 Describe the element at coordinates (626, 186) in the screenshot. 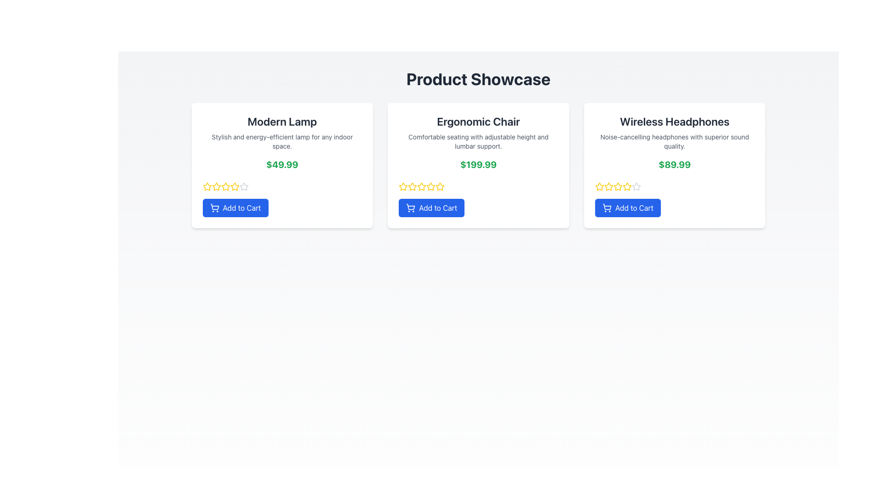

I see `the third yellow star icon in the sequence of rating stars for the 'Wireless Headphones' product card` at that location.